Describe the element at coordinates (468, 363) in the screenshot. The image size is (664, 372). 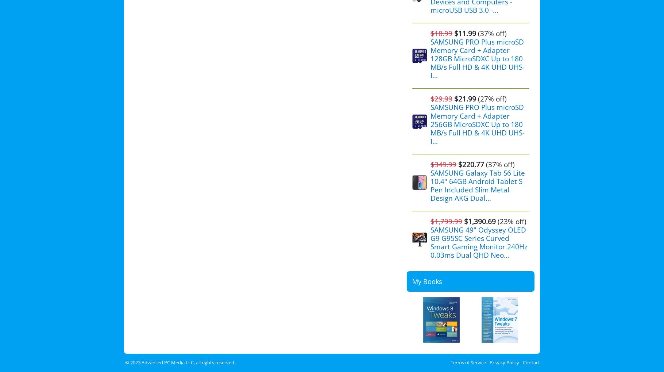
I see `'Terms of Service'` at that location.